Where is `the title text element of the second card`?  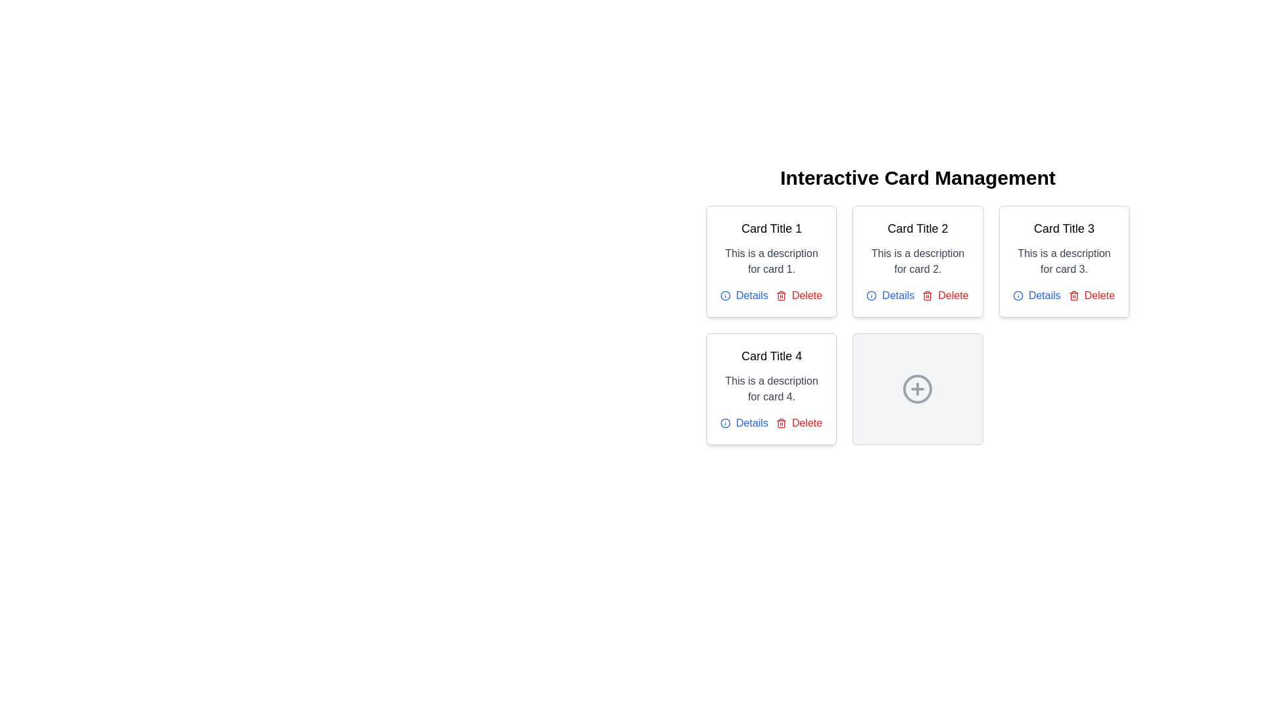 the title text element of the second card is located at coordinates (917, 227).